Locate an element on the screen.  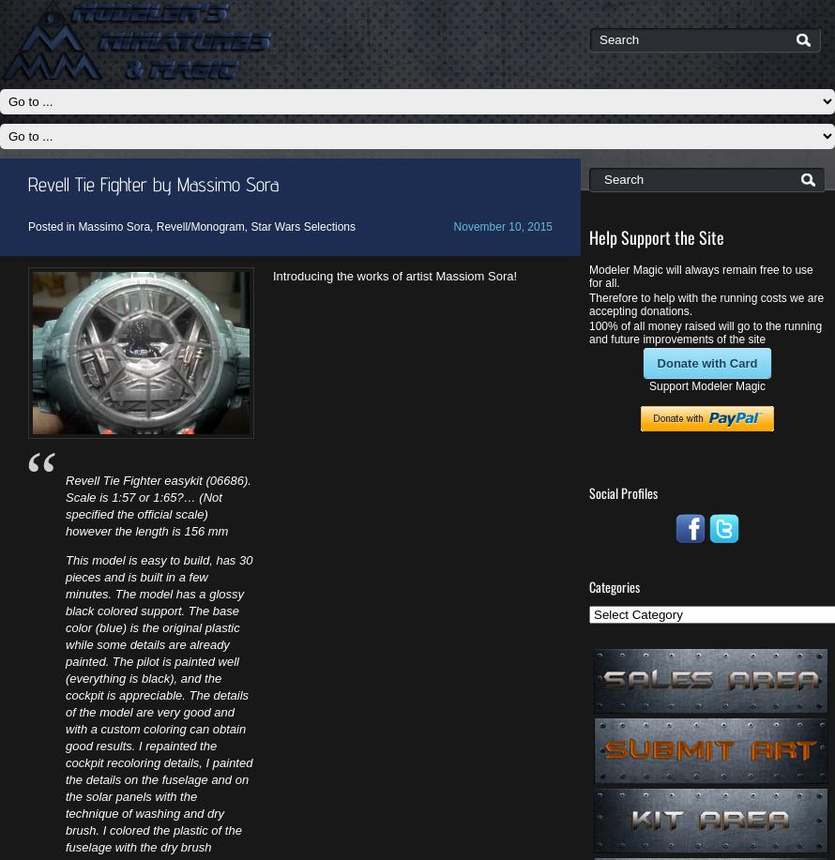
'Support Modeler Magic' is located at coordinates (706, 385).